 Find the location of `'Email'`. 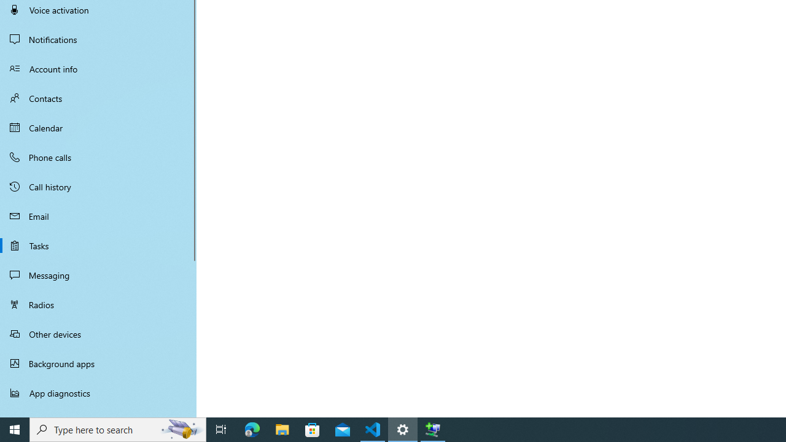

'Email' is located at coordinates (98, 215).